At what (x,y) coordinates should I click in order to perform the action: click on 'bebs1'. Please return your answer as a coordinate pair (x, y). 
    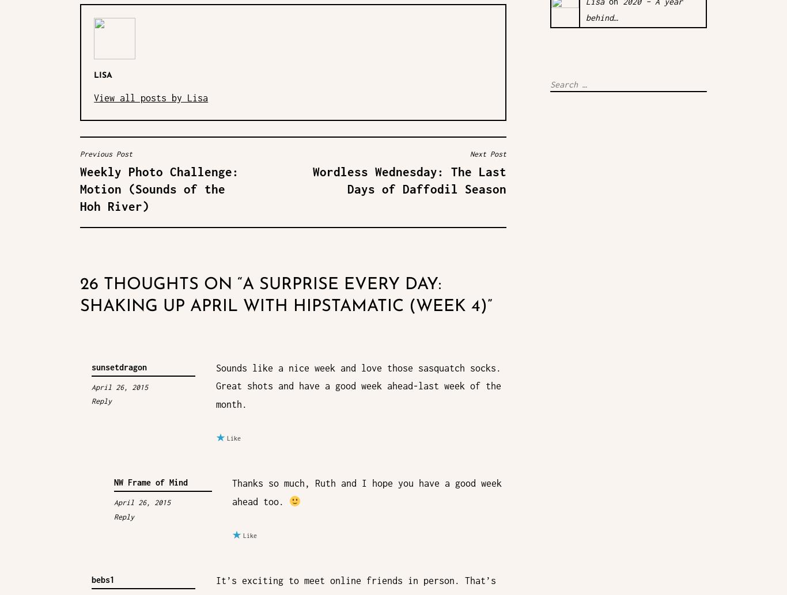
    Looking at the image, I should click on (102, 579).